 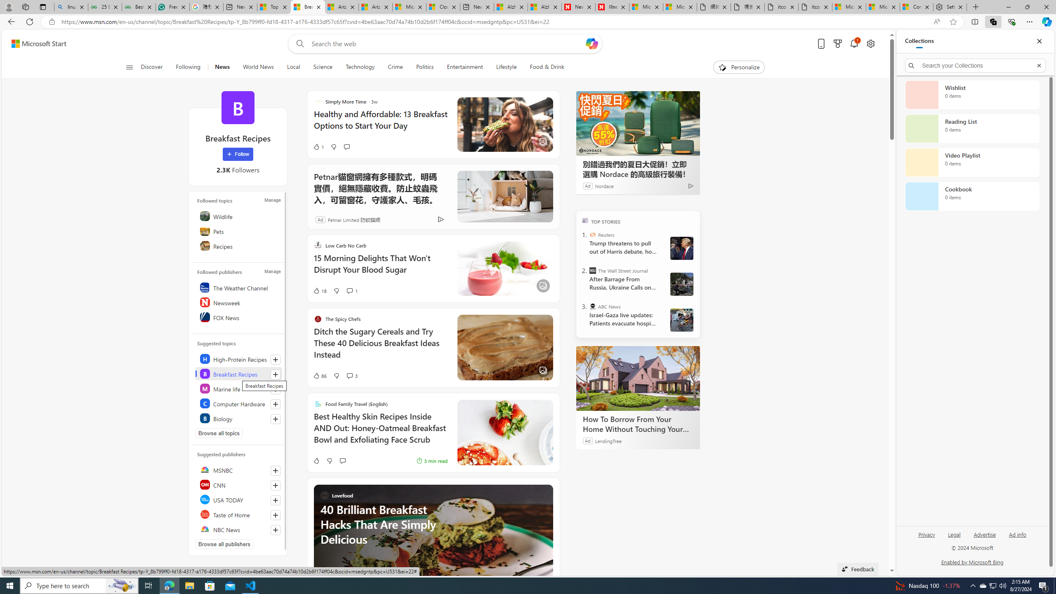 I want to click on 'LendingTree', so click(x=608, y=441).